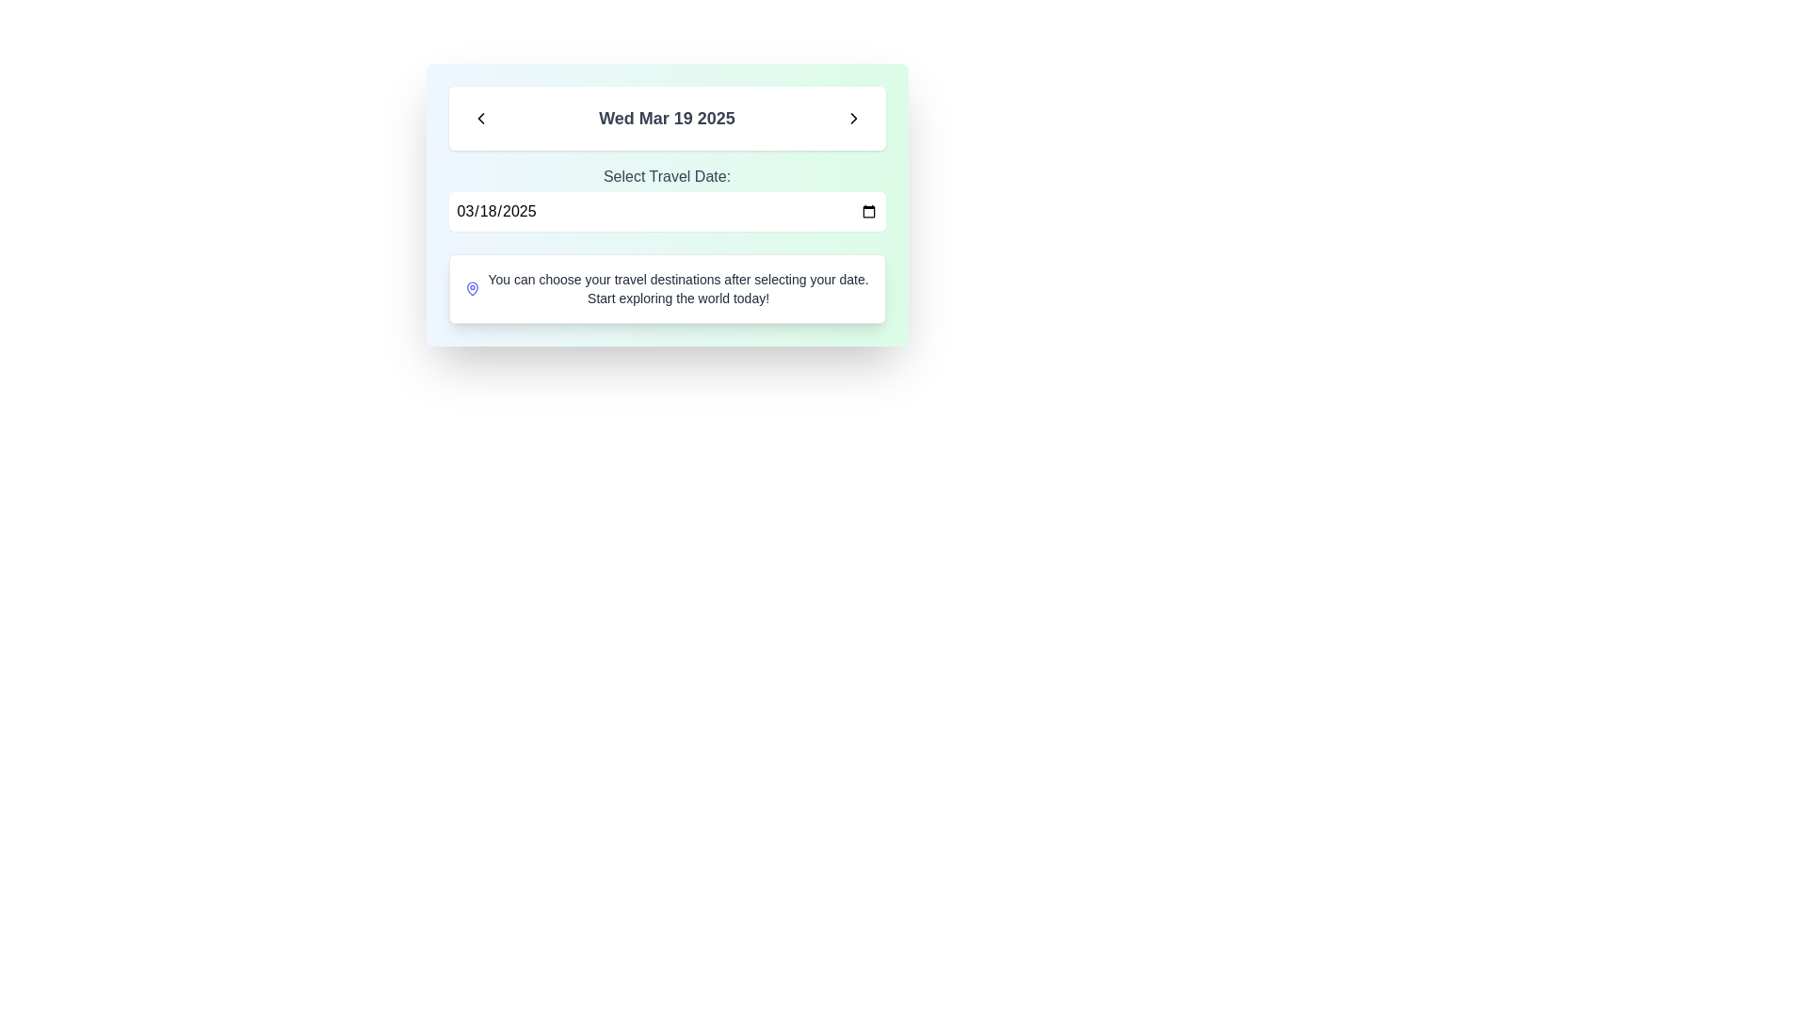 This screenshot has width=1808, height=1017. What do you see at coordinates (852, 119) in the screenshot?
I see `the right-facing chevron icon button located in the top-right corner of the date selection interface` at bounding box center [852, 119].